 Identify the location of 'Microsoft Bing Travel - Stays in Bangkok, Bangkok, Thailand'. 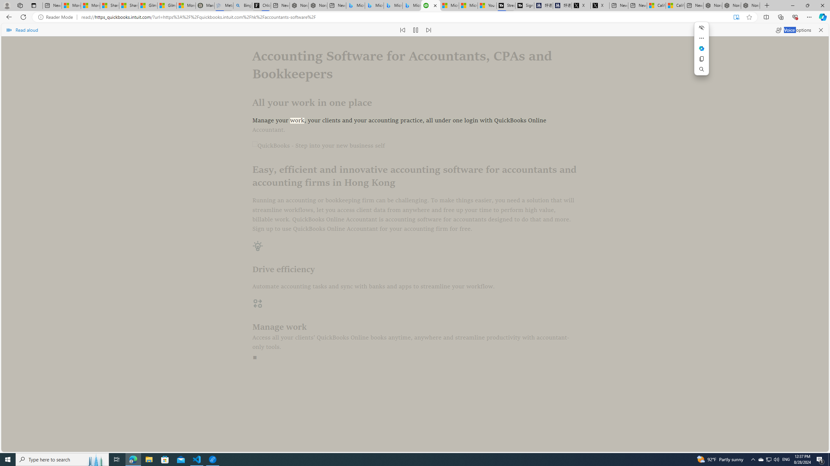
(374, 5).